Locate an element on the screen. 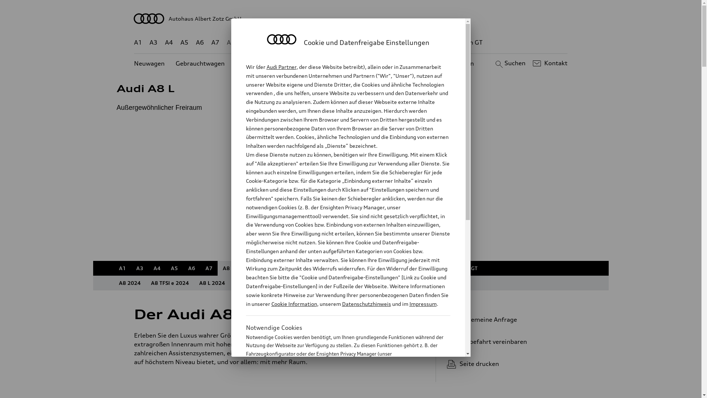 Image resolution: width=707 pixels, height=398 pixels. 'Kontakt' is located at coordinates (549, 63).